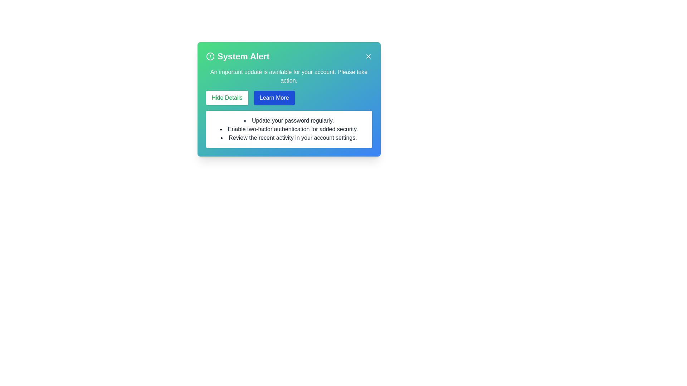 Image resolution: width=687 pixels, height=386 pixels. I want to click on the close button on the Banner Component, so click(289, 56).